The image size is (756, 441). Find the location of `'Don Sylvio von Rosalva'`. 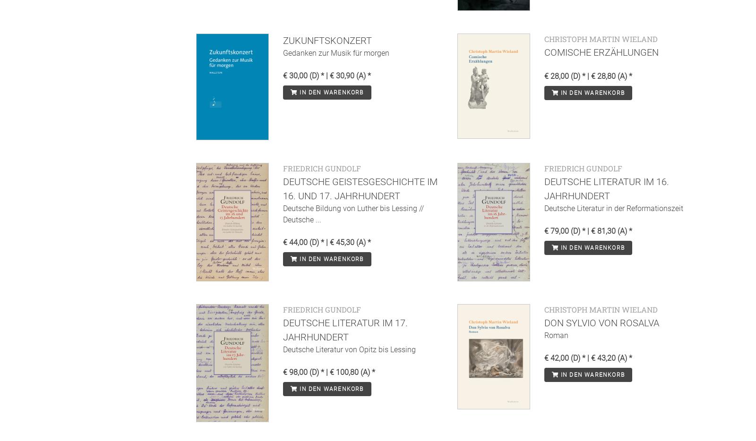

'Don Sylvio von Rosalva' is located at coordinates (601, 322).